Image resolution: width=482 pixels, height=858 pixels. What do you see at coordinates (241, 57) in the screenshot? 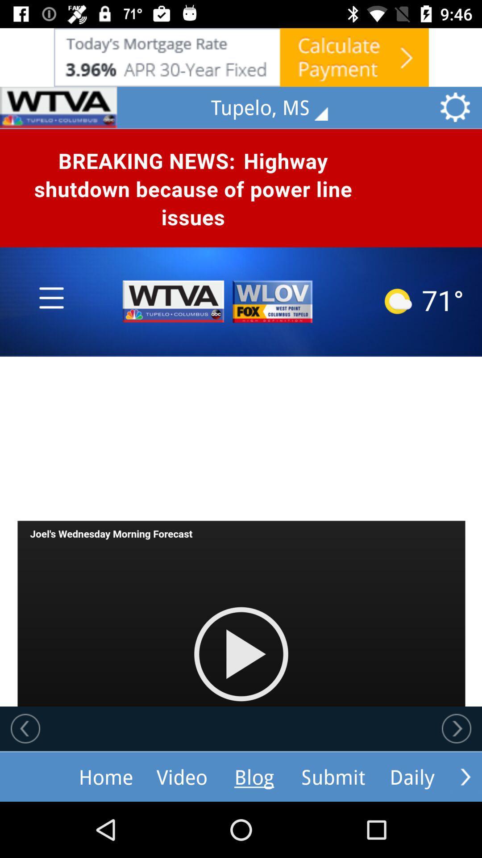
I see `advertisement` at bounding box center [241, 57].